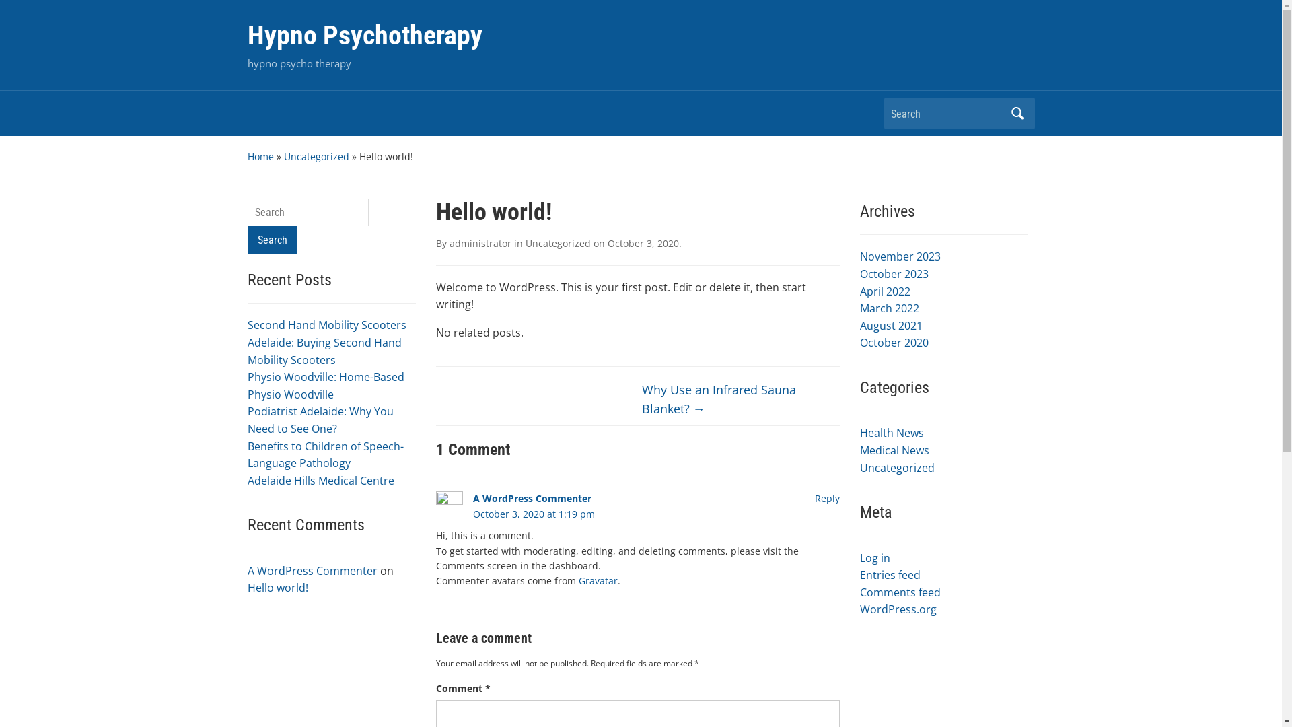  I want to click on 'Physio Woodville: Home-Based Physio Woodville', so click(326, 386).